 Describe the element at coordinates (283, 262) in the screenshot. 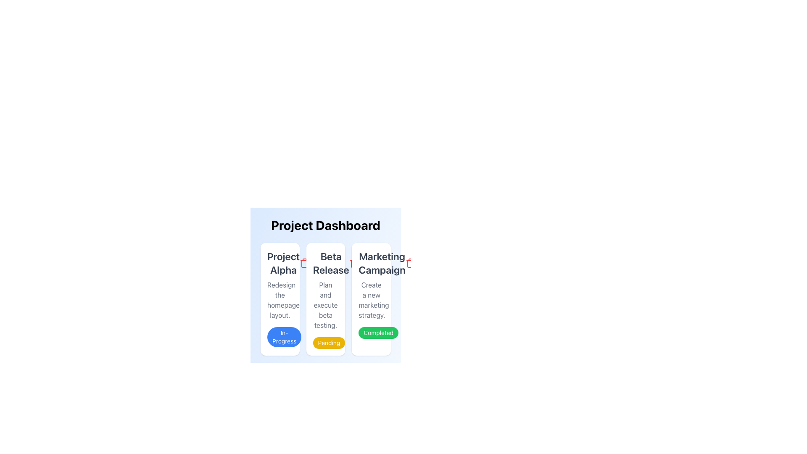

I see `the 'Project Alpha' text label, which is prominently displayed in a large and bold font within a card at the top of the project listing` at that location.